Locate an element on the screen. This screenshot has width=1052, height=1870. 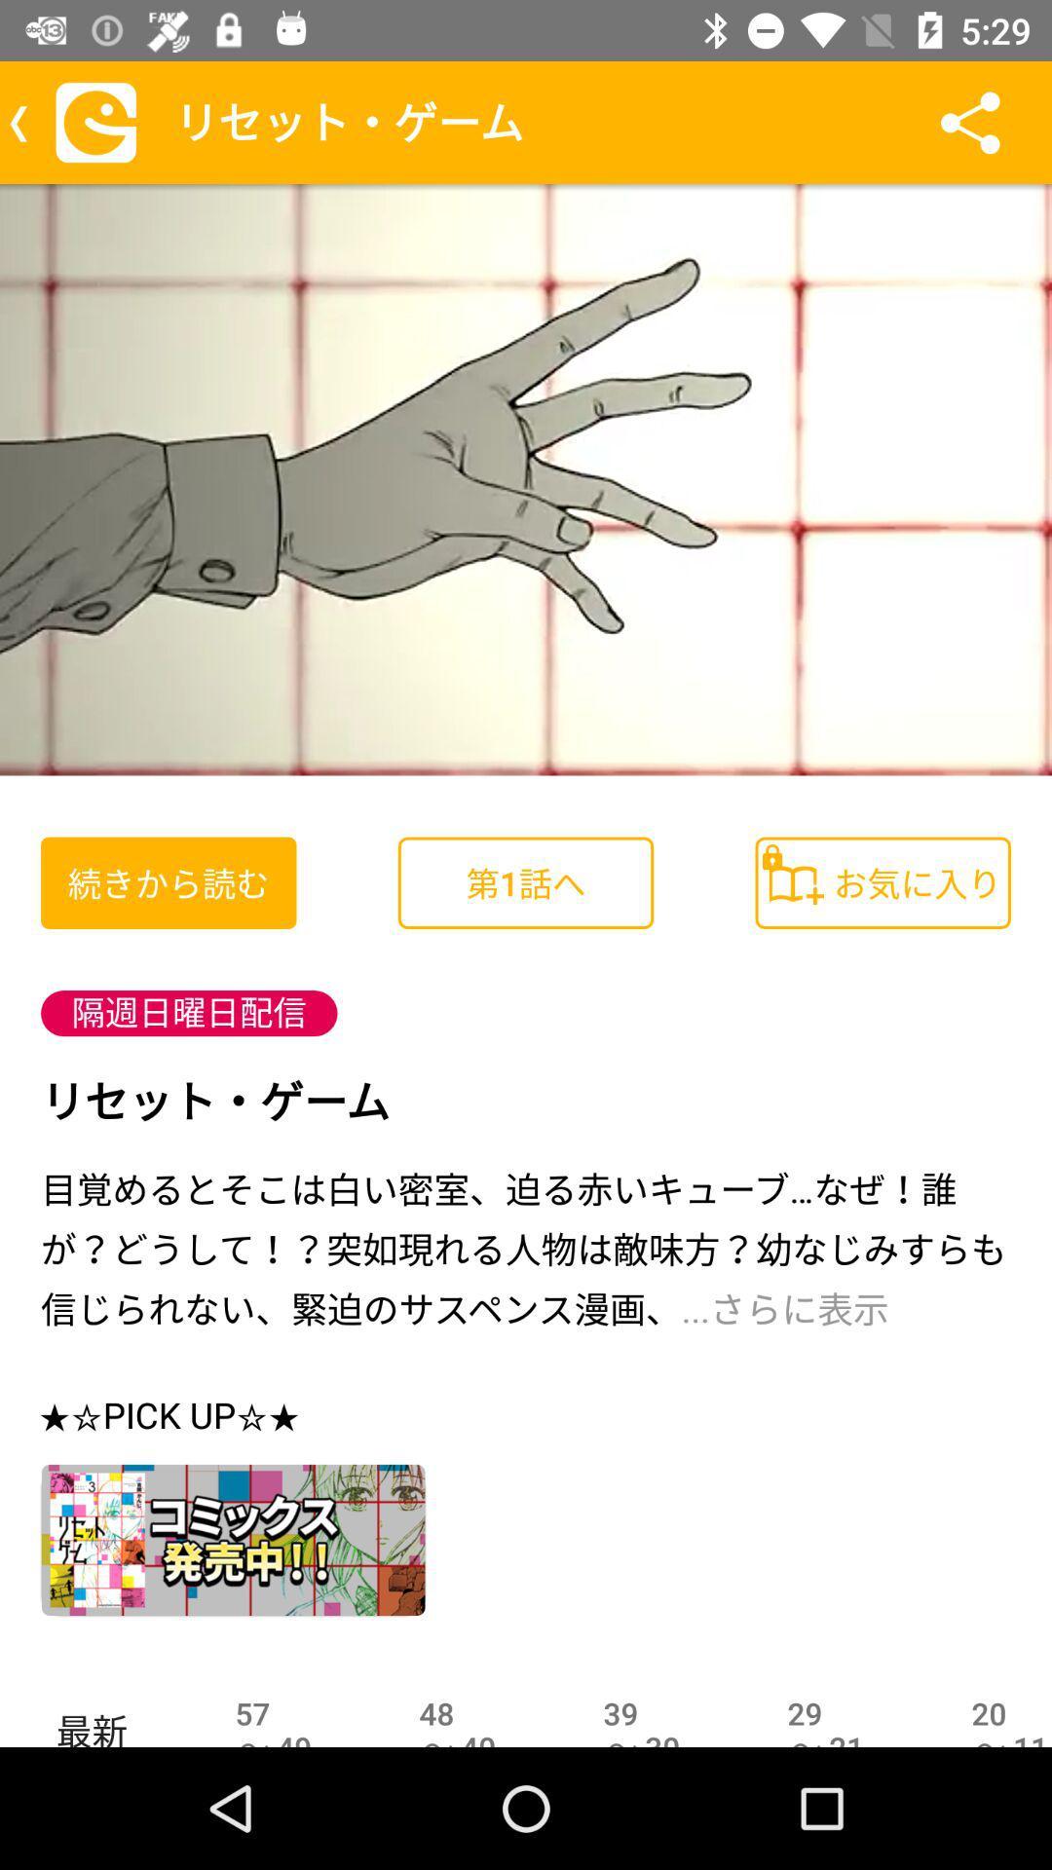
the share button on right corner is located at coordinates (969, 121).